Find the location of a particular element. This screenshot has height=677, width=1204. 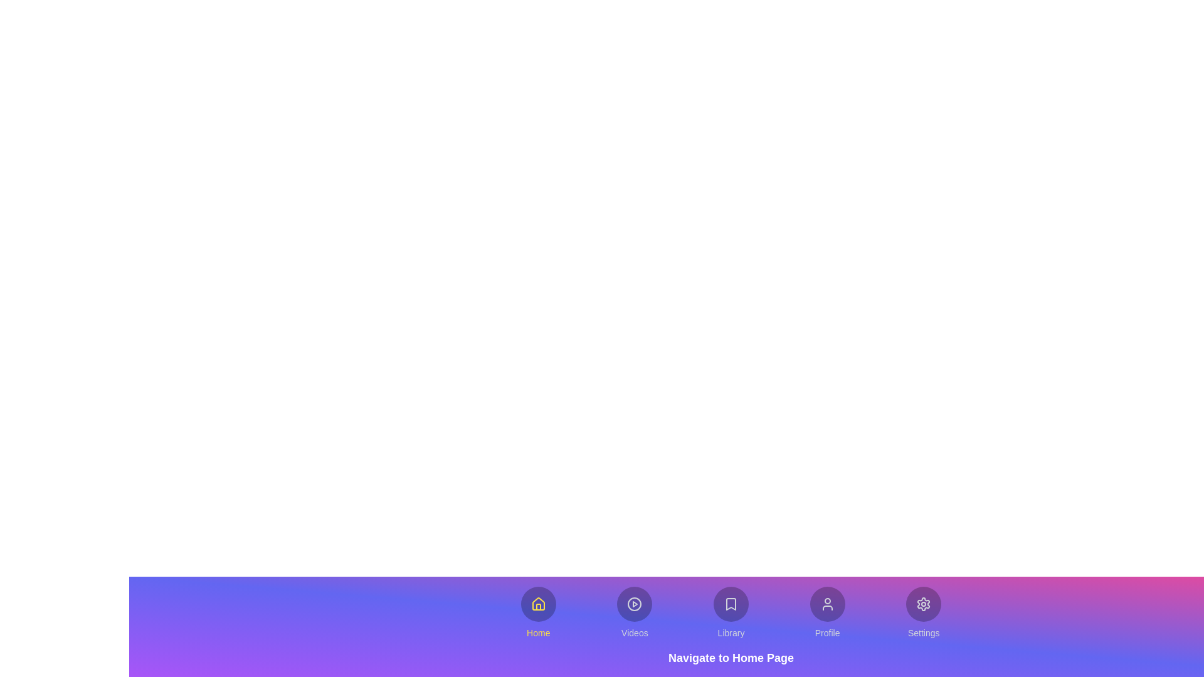

the button labeled Profile to explore its hover effects is located at coordinates (827, 612).